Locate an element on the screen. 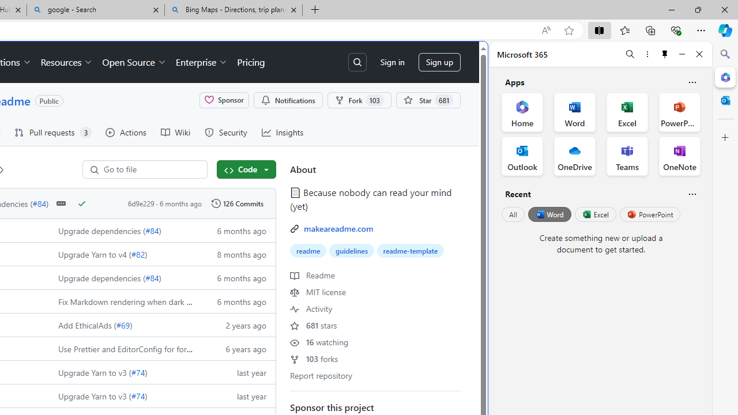 Image resolution: width=738 pixels, height=415 pixels. 'Report repository' is located at coordinates (321, 375).